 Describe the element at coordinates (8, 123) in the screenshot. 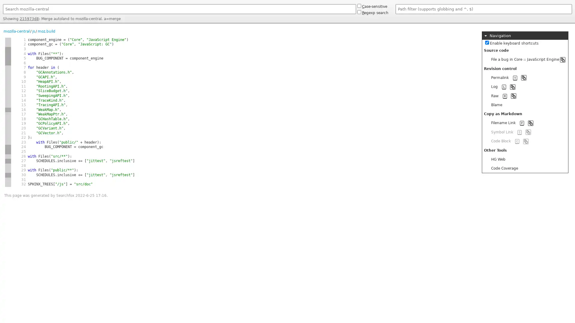

I see `same hash 1` at that location.